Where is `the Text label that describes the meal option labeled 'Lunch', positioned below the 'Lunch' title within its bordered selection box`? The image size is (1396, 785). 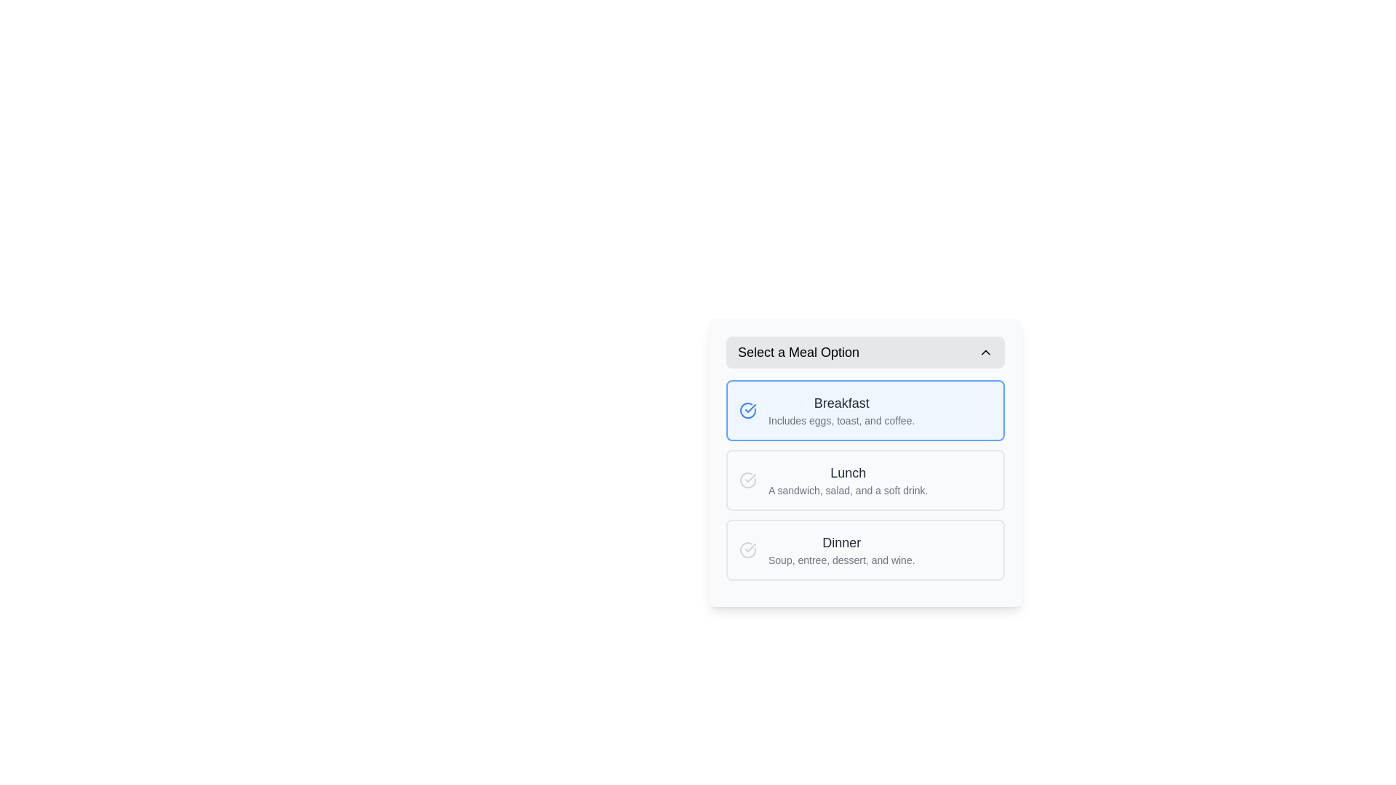
the Text label that describes the meal option labeled 'Lunch', positioned below the 'Lunch' title within its bordered selection box is located at coordinates (848, 491).